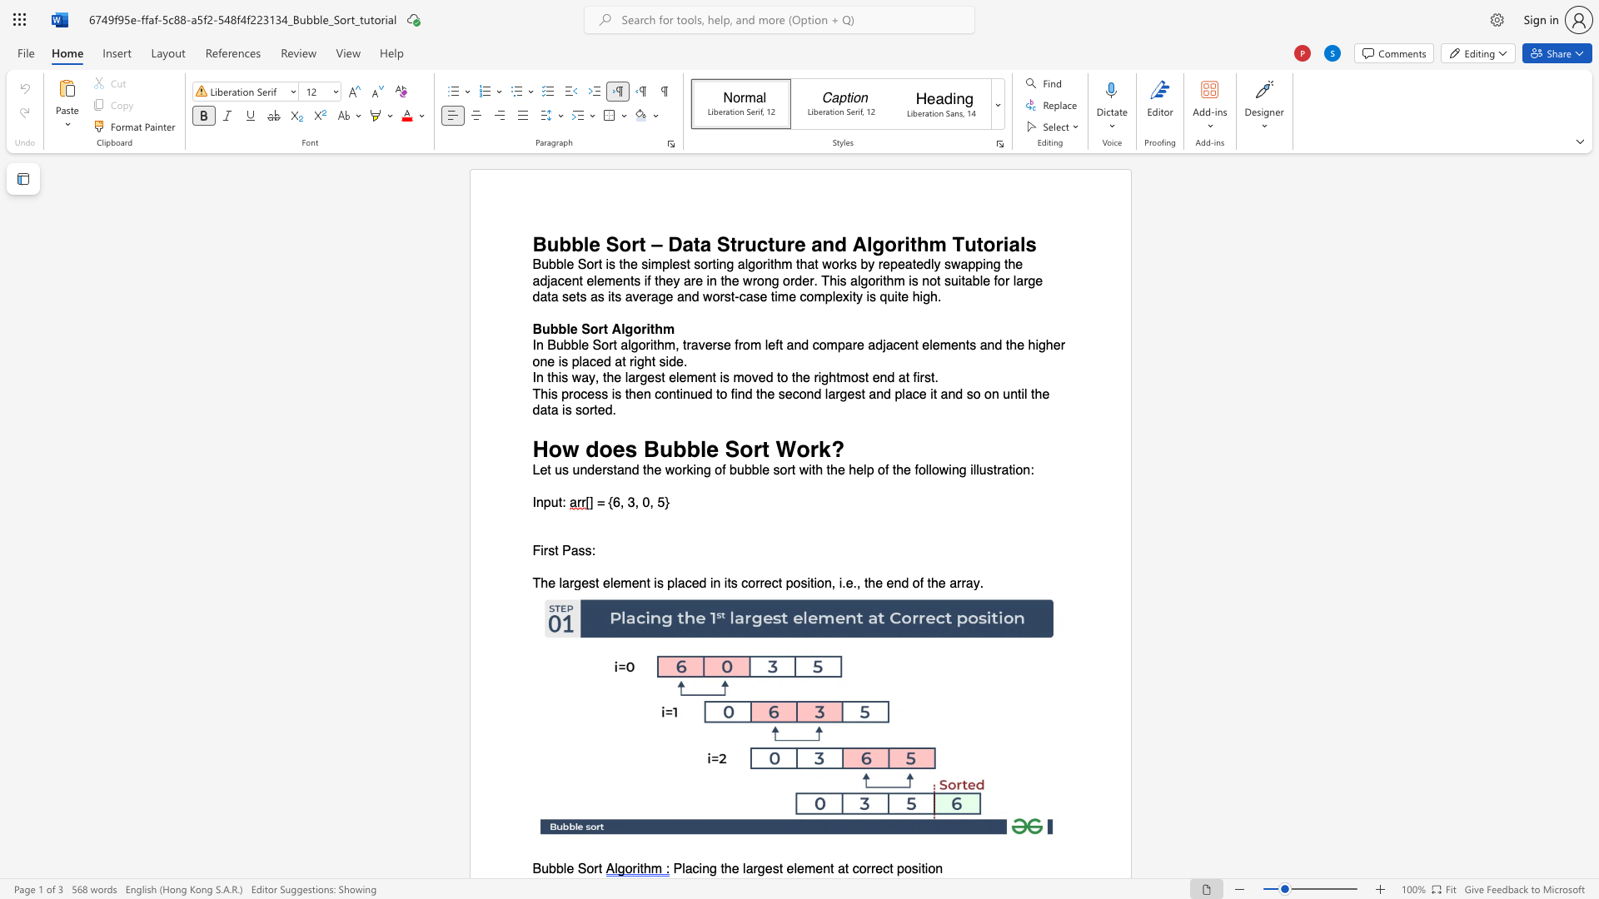 The image size is (1599, 899). What do you see at coordinates (620, 360) in the screenshot?
I see `the space between the continuous character "a" and "t" in the text` at bounding box center [620, 360].